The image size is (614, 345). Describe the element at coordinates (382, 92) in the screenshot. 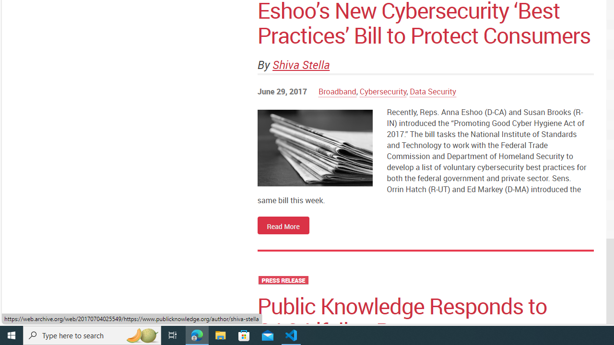

I see `'Cybersecurity'` at that location.